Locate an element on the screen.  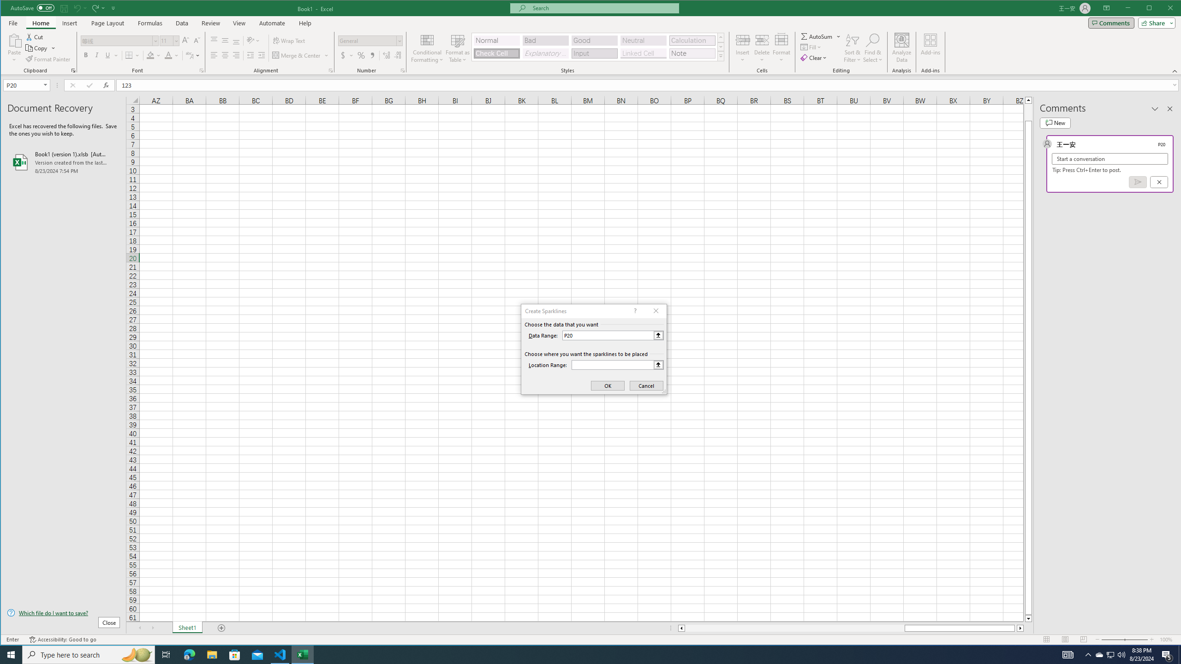
'Fill Color RGB(255, 255, 0)' is located at coordinates (150, 55).